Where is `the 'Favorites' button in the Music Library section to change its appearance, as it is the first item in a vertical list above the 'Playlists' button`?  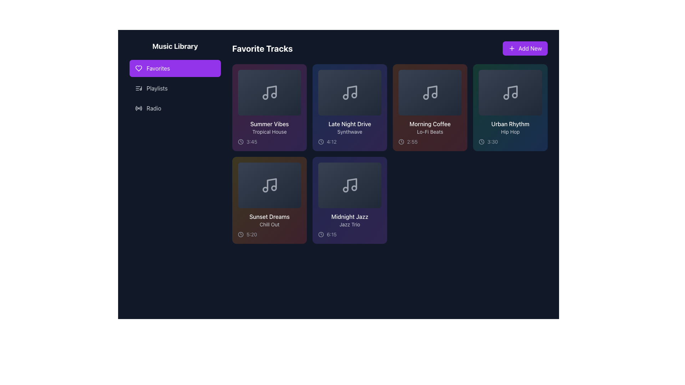 the 'Favorites' button in the Music Library section to change its appearance, as it is the first item in a vertical list above the 'Playlists' button is located at coordinates (175, 68).